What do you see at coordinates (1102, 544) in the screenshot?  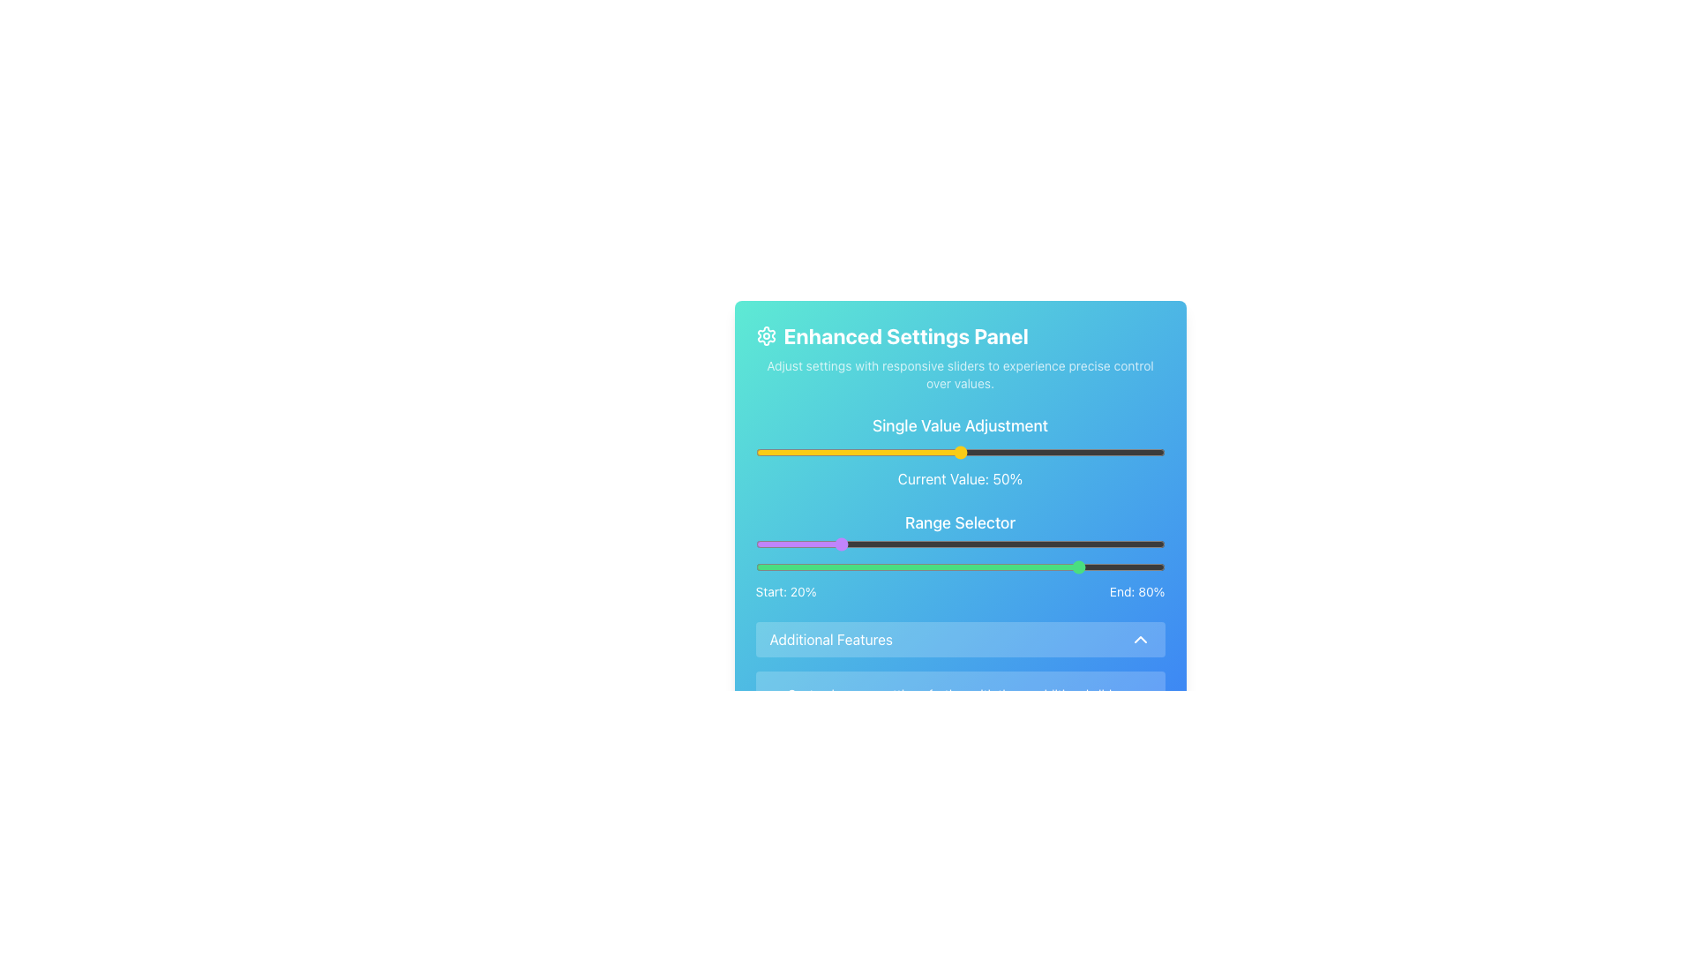 I see `the range selector sliders` at bounding box center [1102, 544].